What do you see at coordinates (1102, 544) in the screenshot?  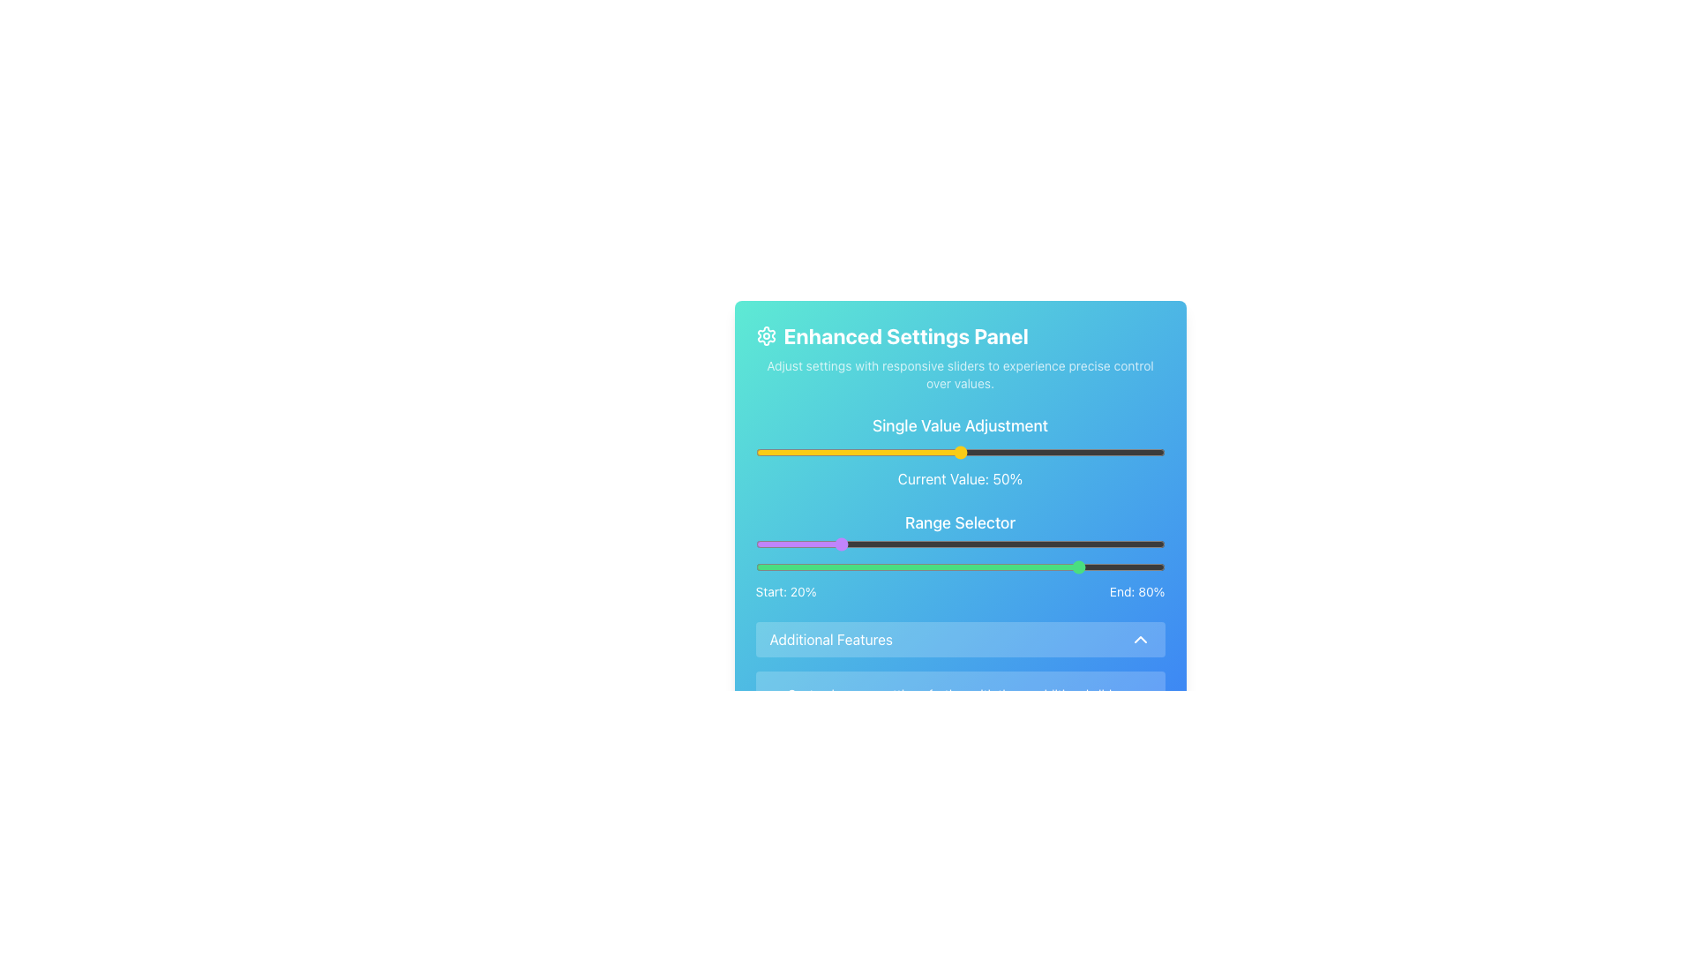 I see `the range selector sliders` at bounding box center [1102, 544].